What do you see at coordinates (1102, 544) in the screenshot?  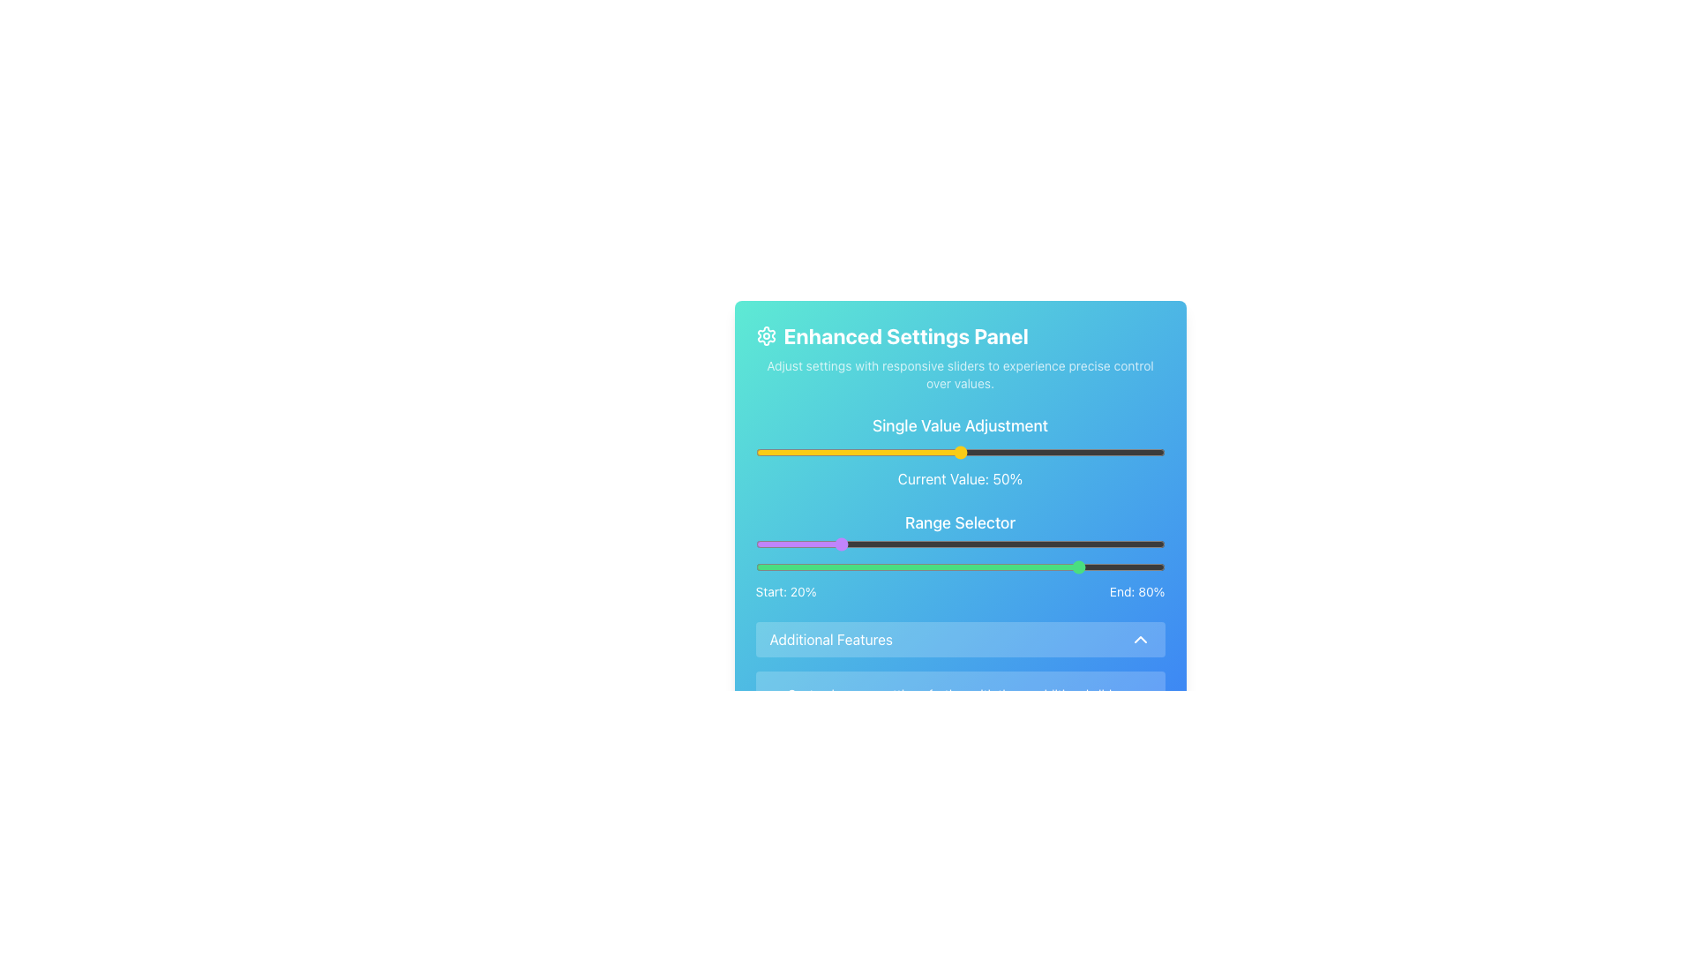 I see `the range selector sliders` at bounding box center [1102, 544].